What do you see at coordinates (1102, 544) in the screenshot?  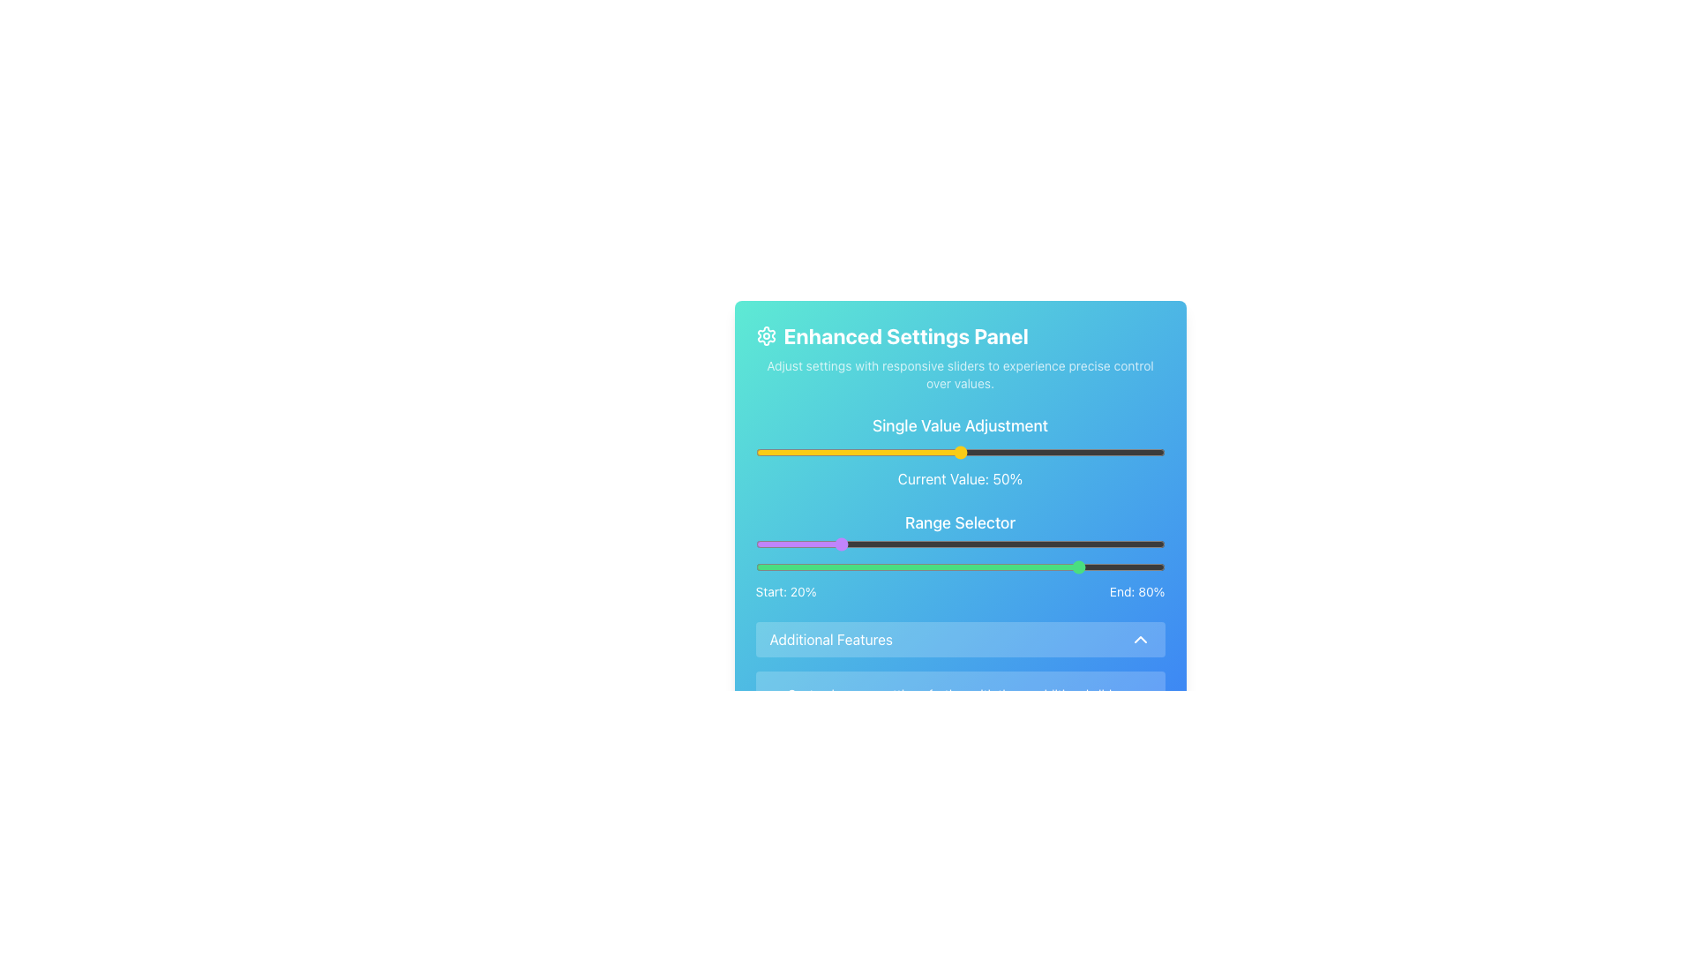 I see `the range selector sliders` at bounding box center [1102, 544].